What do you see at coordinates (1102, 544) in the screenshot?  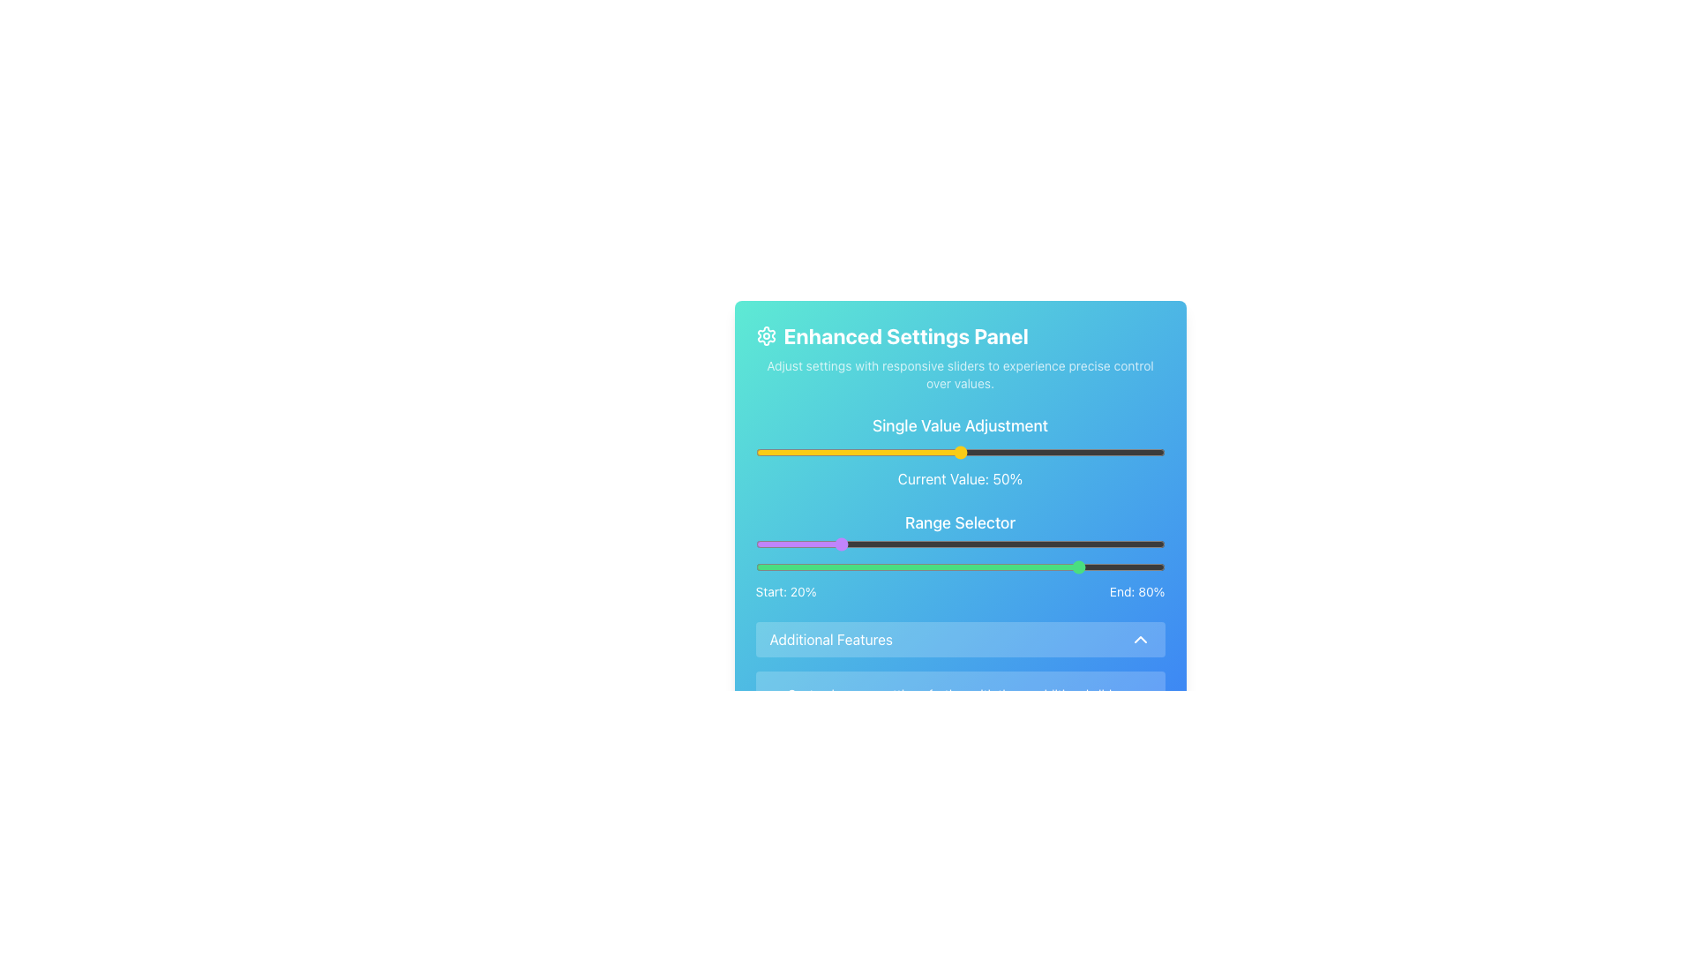 I see `the range selector sliders` at bounding box center [1102, 544].